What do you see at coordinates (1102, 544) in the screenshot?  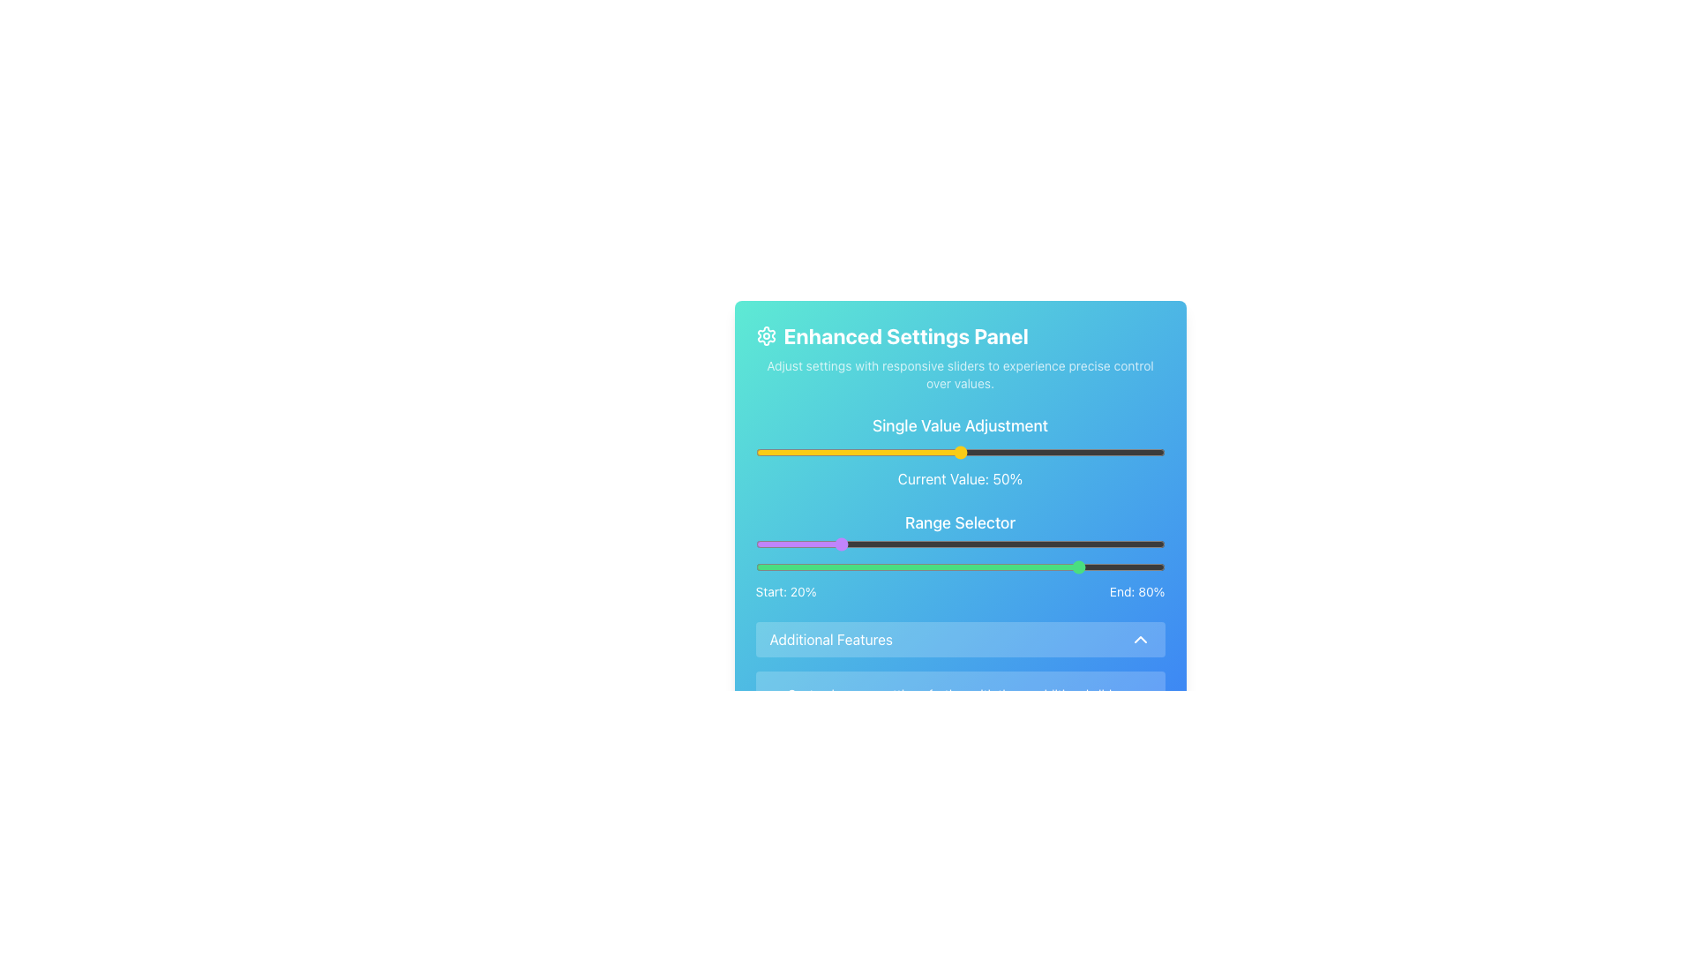 I see `the range selector sliders` at bounding box center [1102, 544].